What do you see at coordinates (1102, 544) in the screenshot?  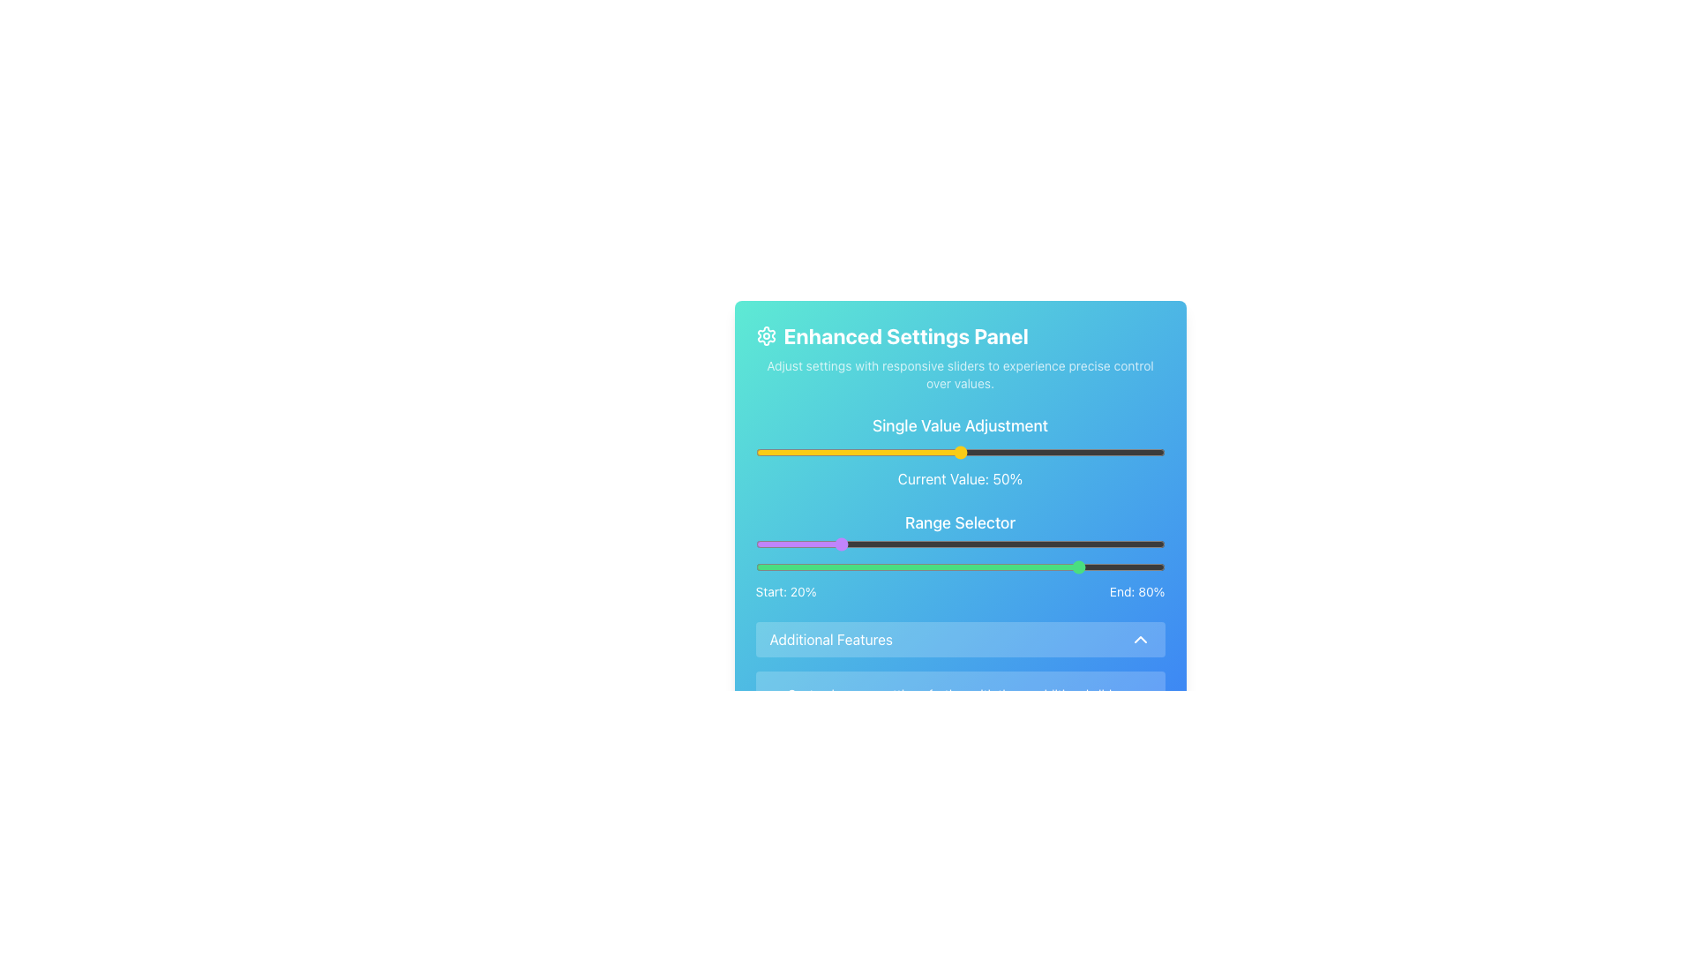 I see `the range selector sliders` at bounding box center [1102, 544].